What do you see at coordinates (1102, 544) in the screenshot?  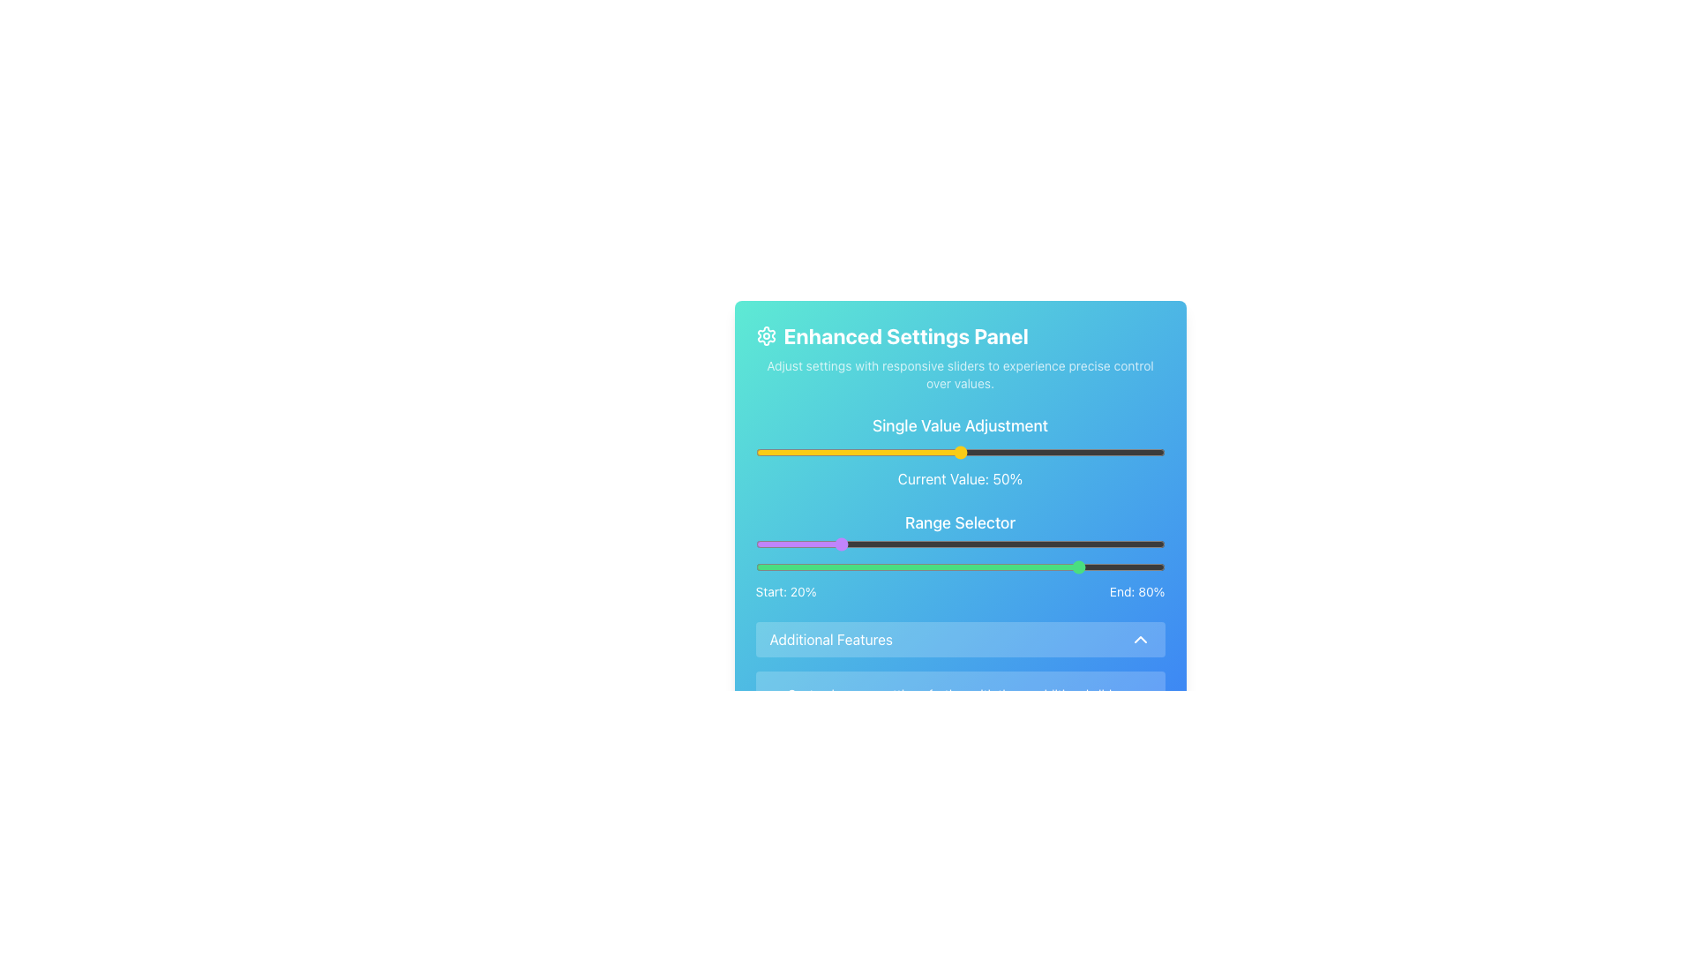 I see `the range selector sliders` at bounding box center [1102, 544].